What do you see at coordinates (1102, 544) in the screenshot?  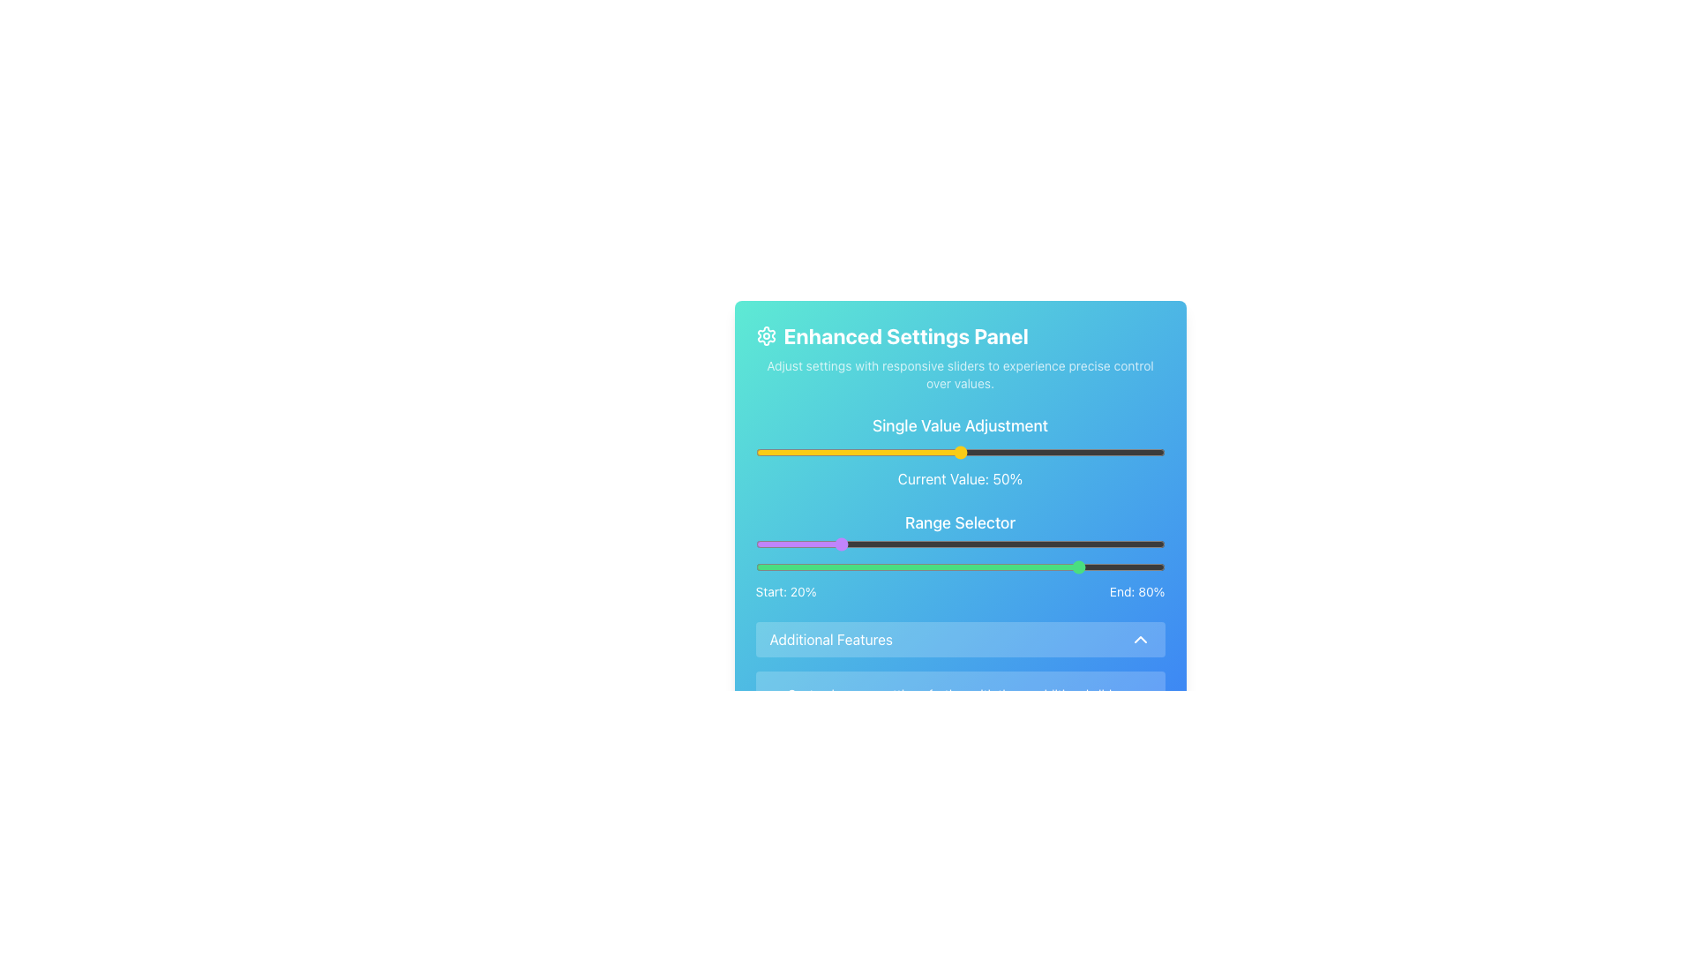 I see `the range selector sliders` at bounding box center [1102, 544].